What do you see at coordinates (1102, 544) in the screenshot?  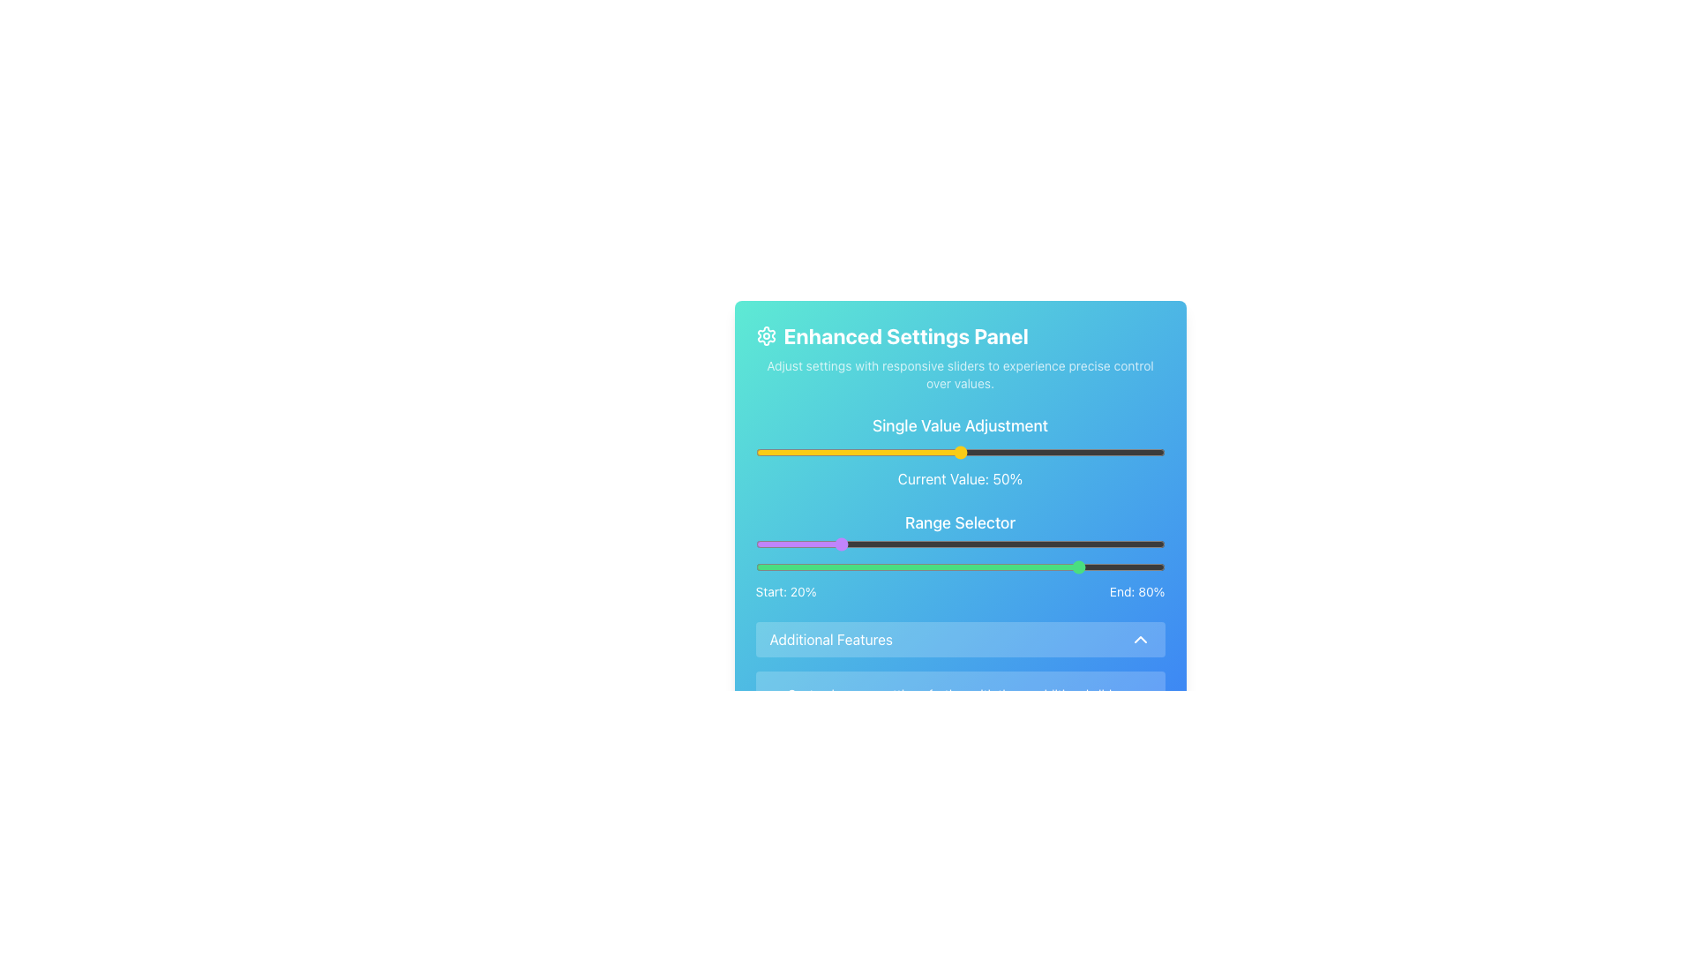 I see `the range selector sliders` at bounding box center [1102, 544].